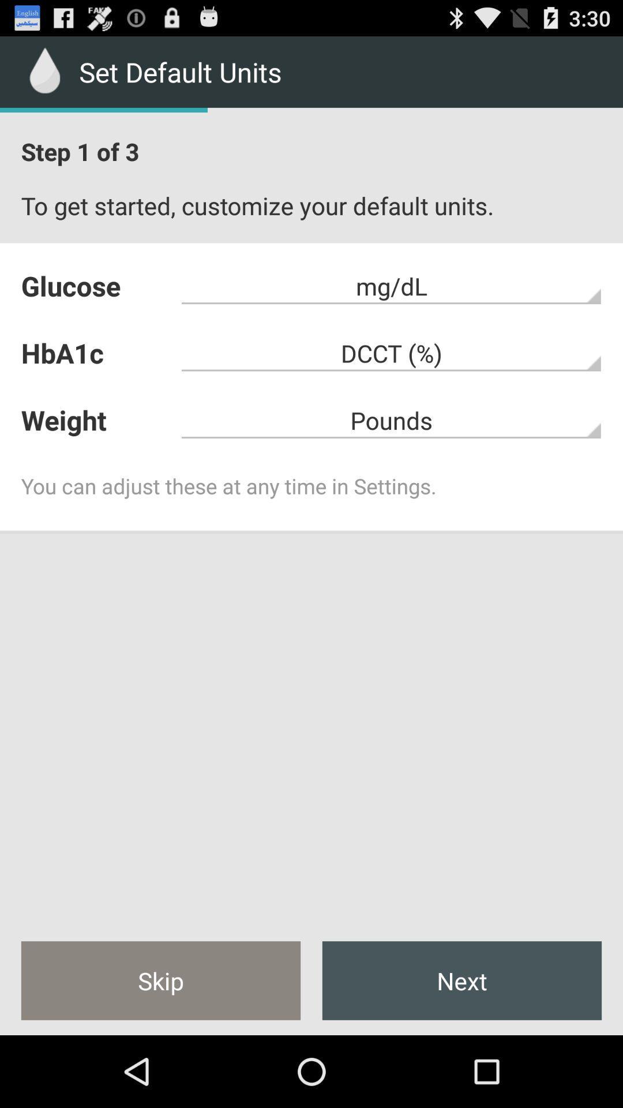  I want to click on the mg/dl item, so click(391, 286).